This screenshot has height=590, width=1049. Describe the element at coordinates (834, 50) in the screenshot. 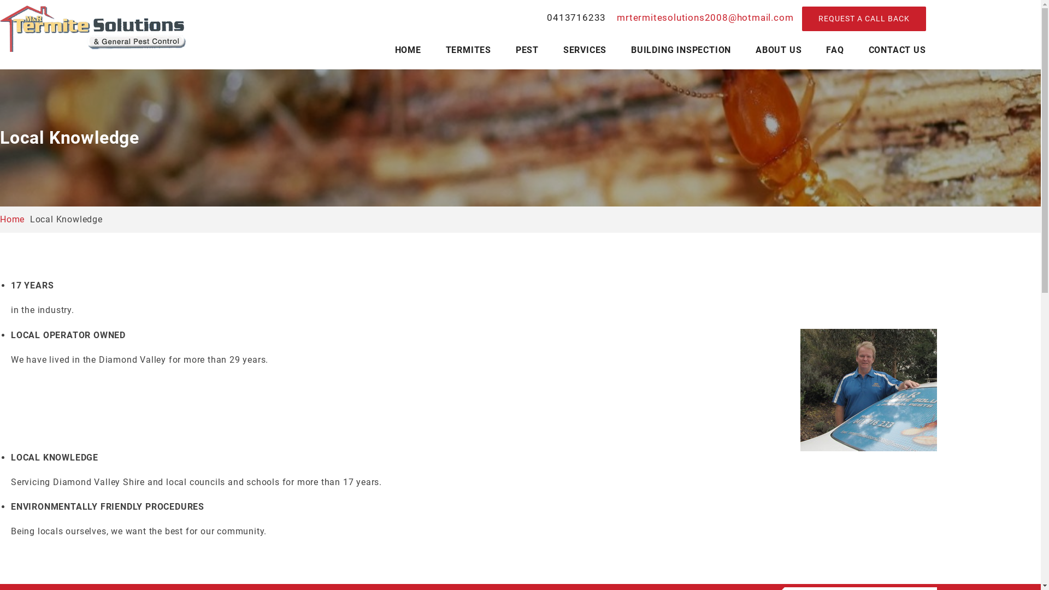

I see `'FAQ'` at that location.